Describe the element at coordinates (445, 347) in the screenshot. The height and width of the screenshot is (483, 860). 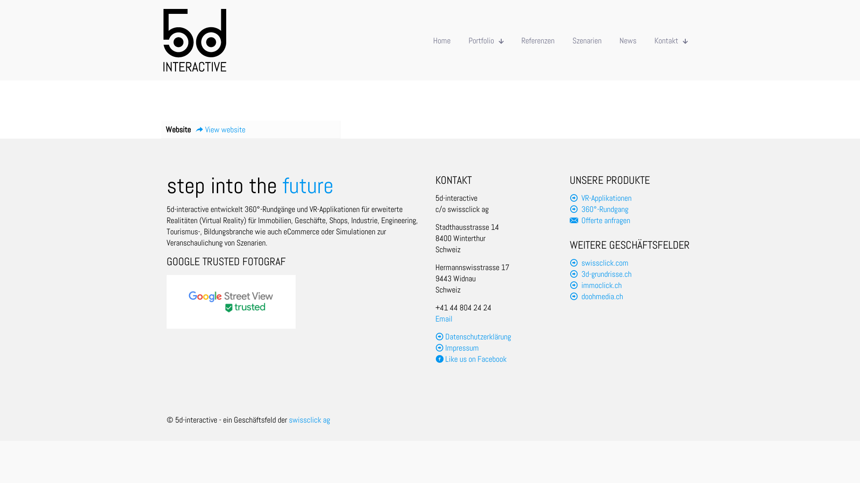
I see `'Impressum'` at that location.